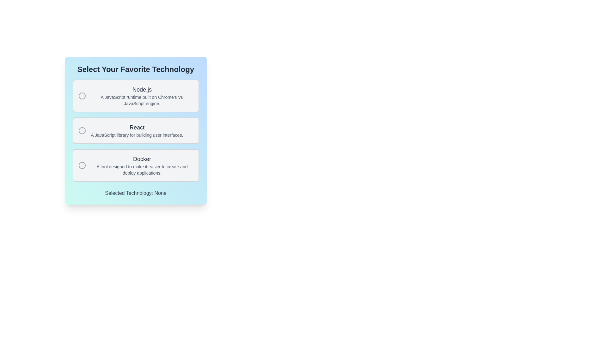 This screenshot has height=341, width=607. I want to click on the 'React' text label in the second card, so click(137, 128).